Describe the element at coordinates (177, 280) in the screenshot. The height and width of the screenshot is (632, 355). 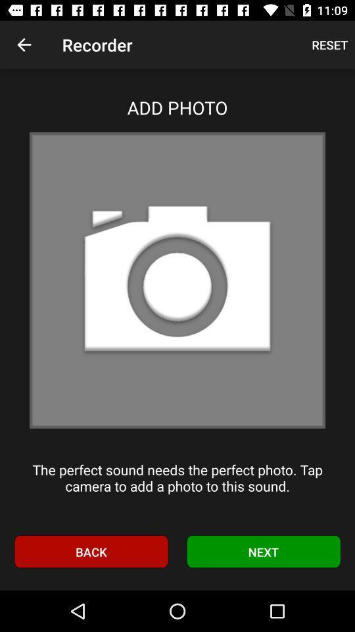
I see `icon below add photo icon` at that location.